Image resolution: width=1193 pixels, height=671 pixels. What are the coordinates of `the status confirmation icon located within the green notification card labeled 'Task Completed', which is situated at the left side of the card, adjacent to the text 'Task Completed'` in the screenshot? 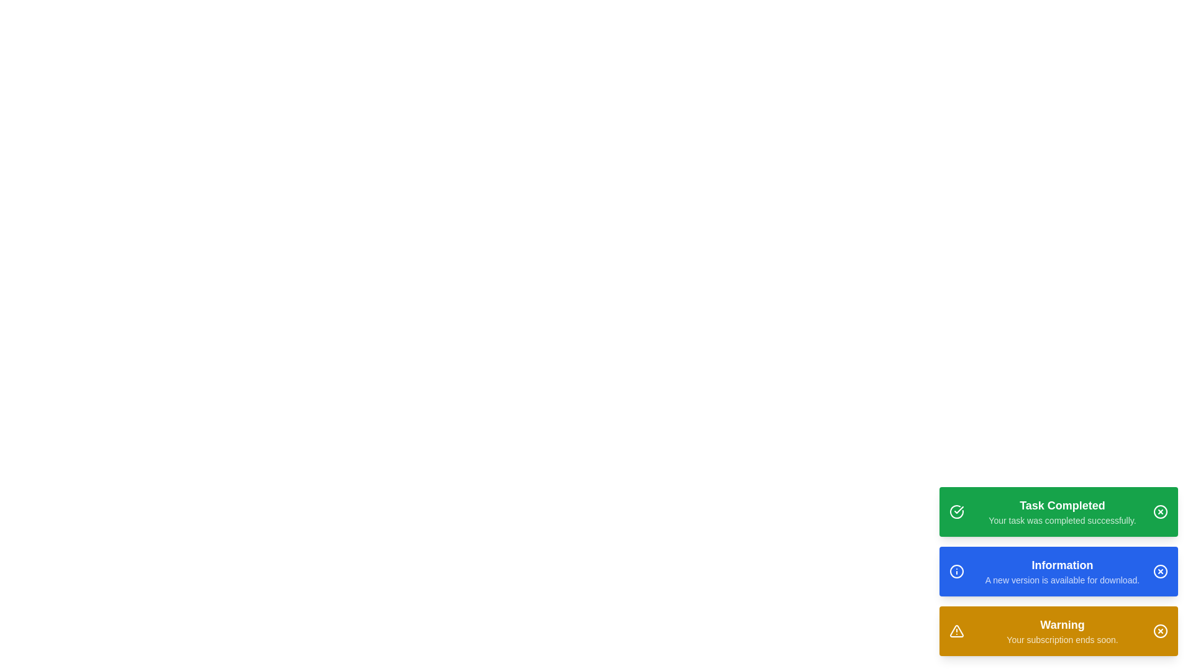 It's located at (956, 512).